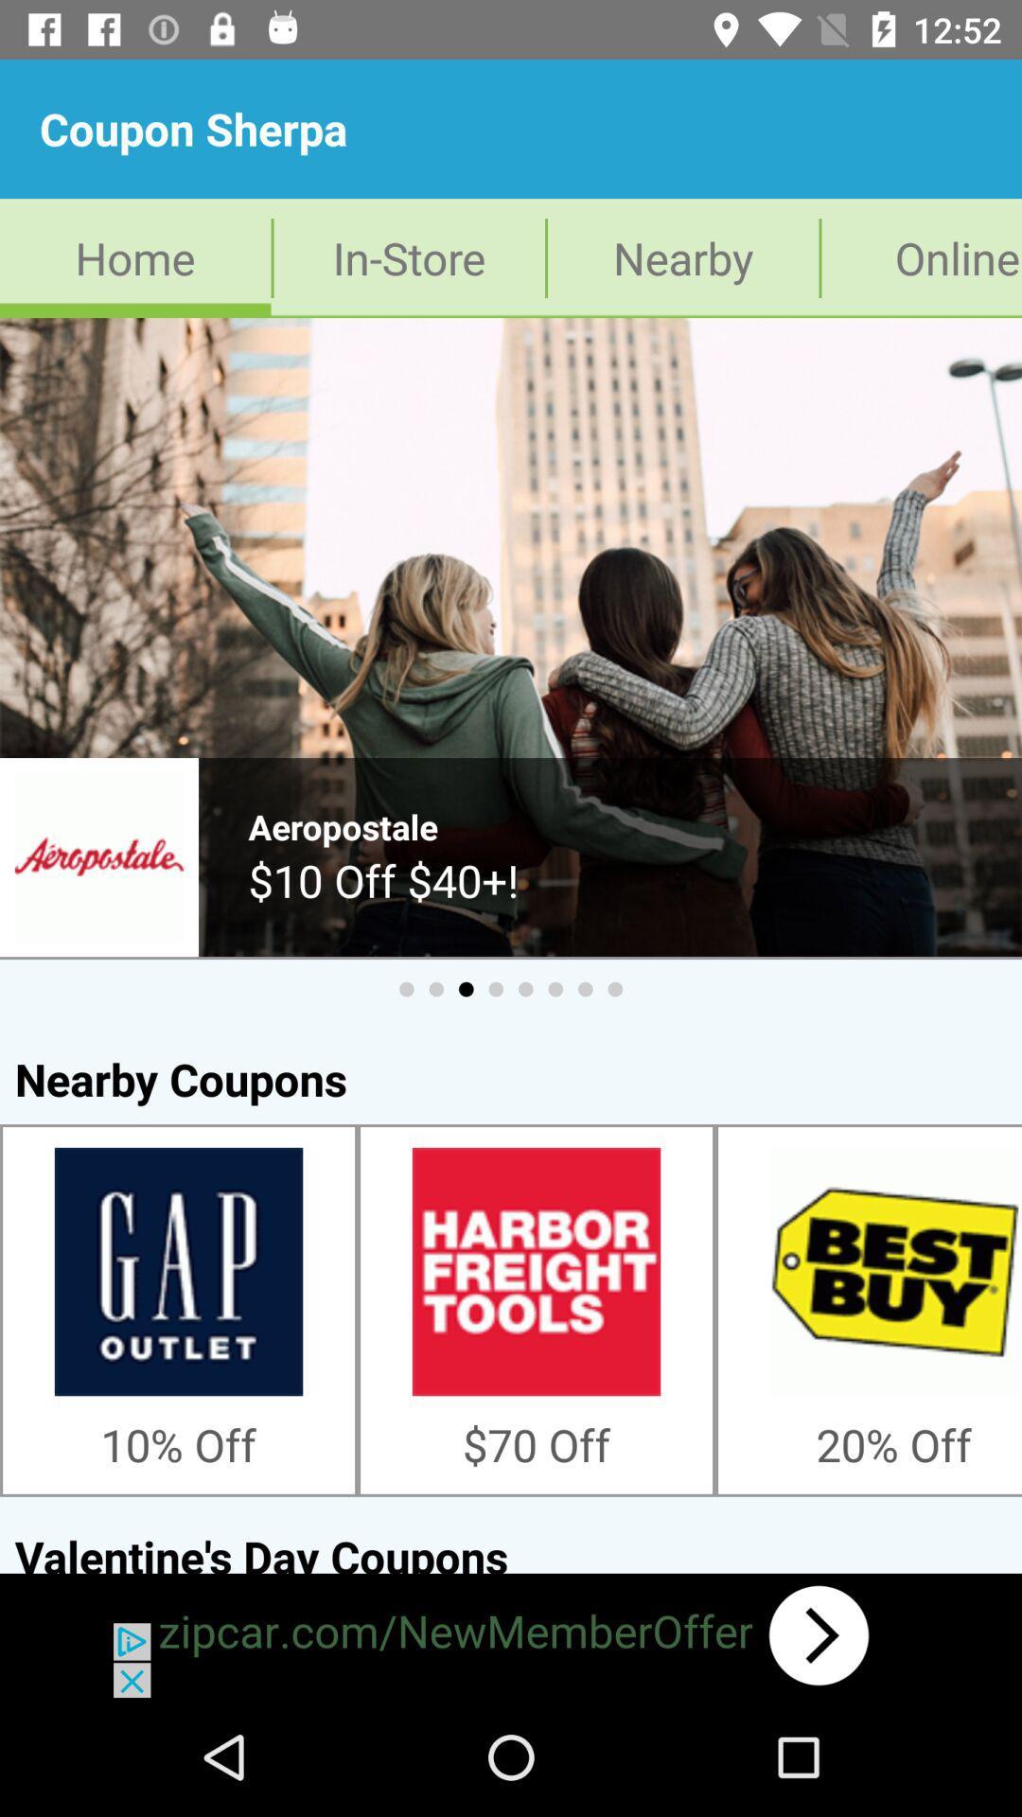 This screenshot has height=1817, width=1022. I want to click on advertisements, so click(511, 1634).